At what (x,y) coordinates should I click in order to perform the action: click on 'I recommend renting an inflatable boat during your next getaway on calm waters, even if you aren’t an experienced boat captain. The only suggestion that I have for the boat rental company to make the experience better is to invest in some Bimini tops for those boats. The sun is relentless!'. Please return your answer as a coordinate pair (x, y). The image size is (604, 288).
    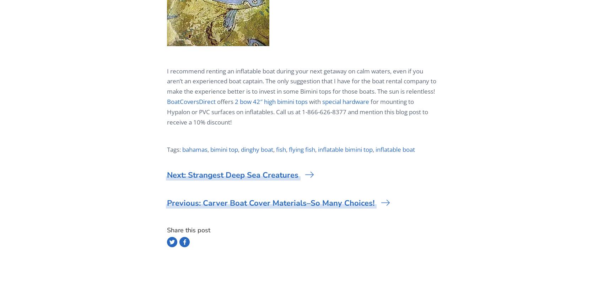
    Looking at the image, I should click on (301, 81).